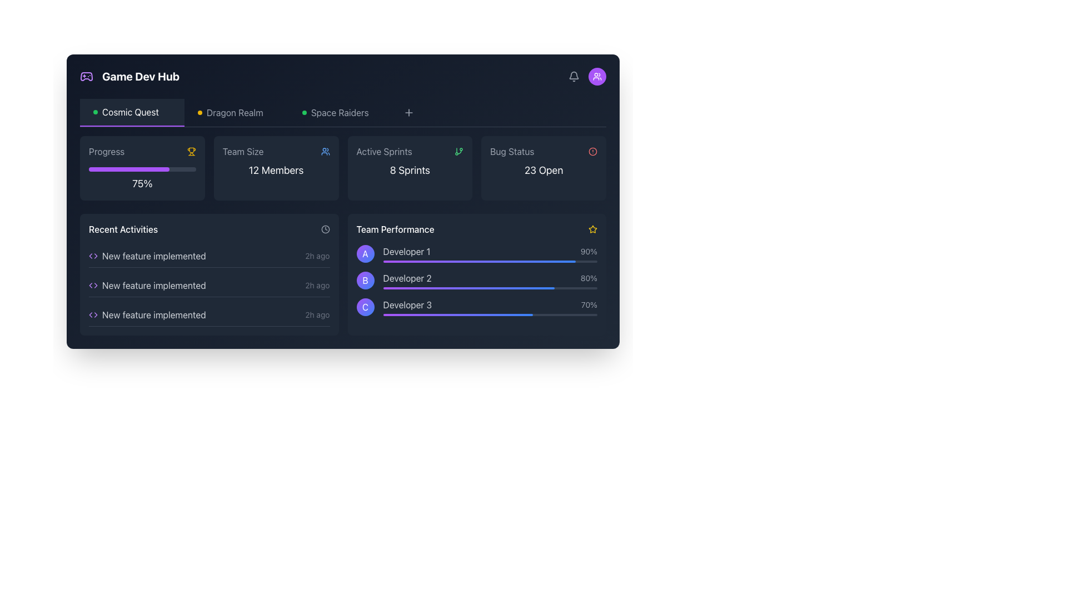 The width and height of the screenshot is (1067, 600). What do you see at coordinates (459, 152) in the screenshot?
I see `the version control icon with a green outline located in the 'Active Sprints' panel, positioned to the right of the text '8 Sprints'` at bounding box center [459, 152].